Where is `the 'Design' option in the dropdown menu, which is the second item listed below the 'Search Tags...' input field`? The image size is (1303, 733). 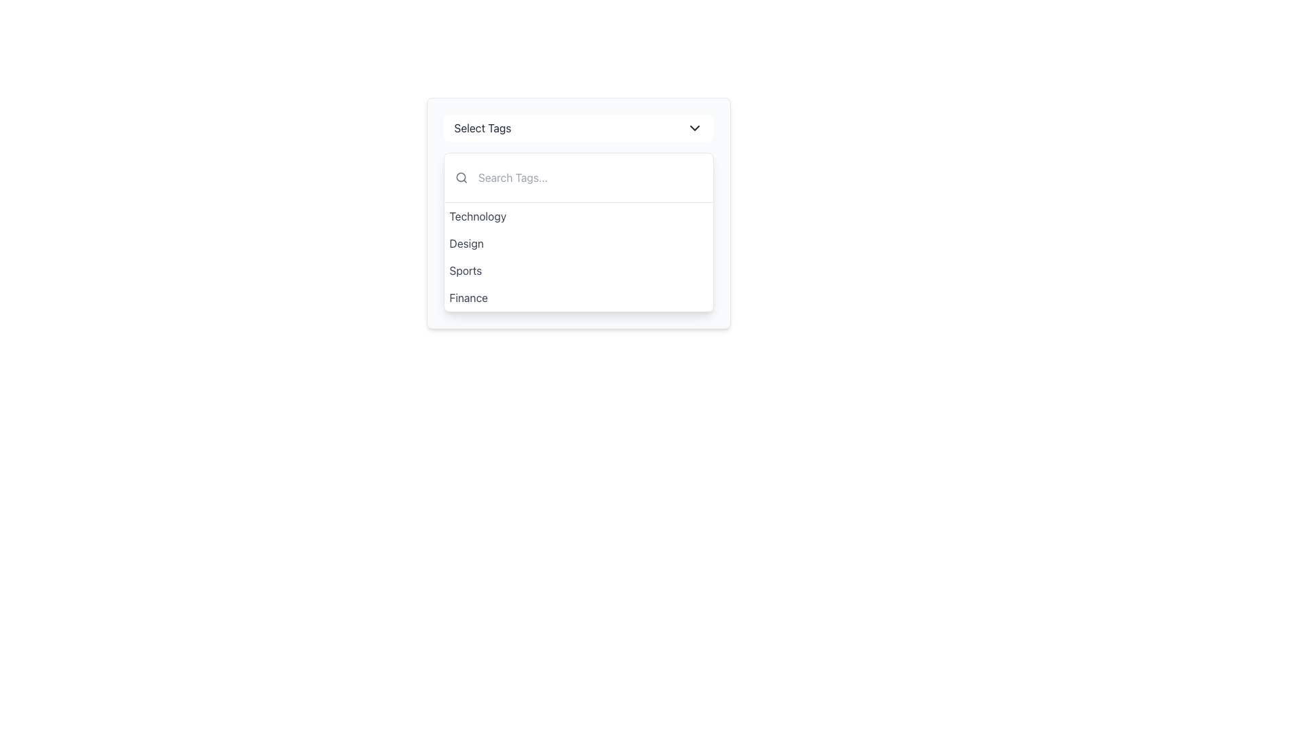
the 'Design' option in the dropdown menu, which is the second item listed below the 'Search Tags...' input field is located at coordinates (466, 242).